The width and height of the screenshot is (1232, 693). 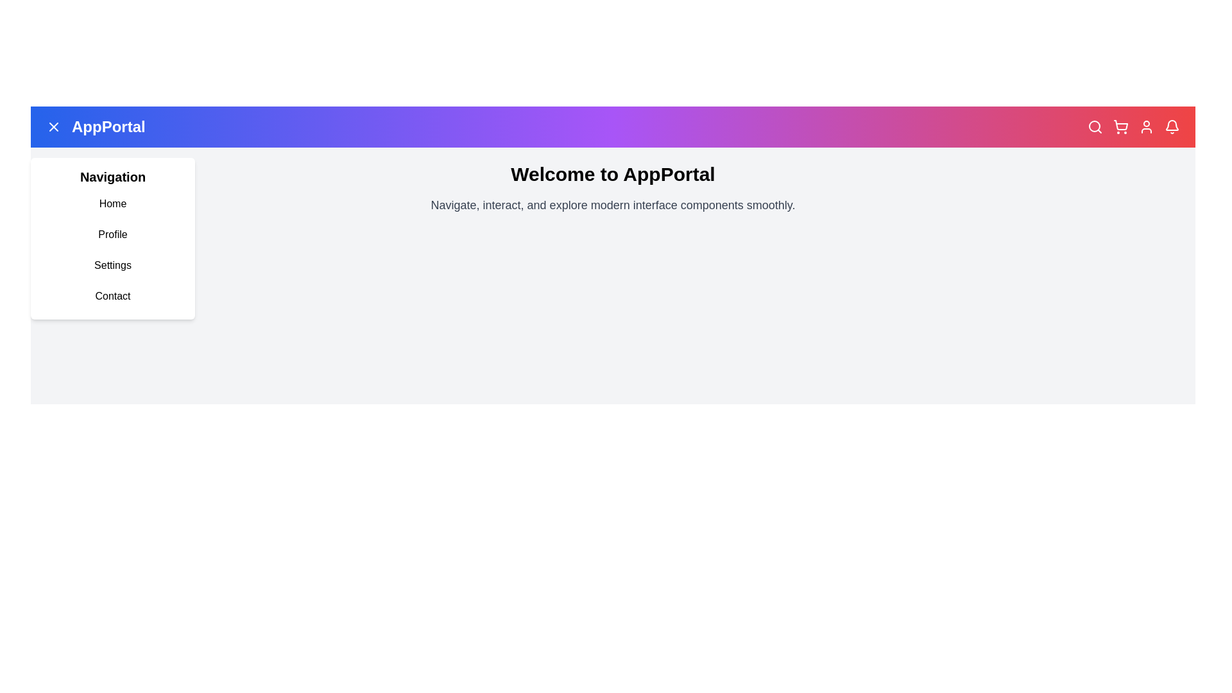 I want to click on the second button in the vertical navigation list, so click(x=113, y=235).